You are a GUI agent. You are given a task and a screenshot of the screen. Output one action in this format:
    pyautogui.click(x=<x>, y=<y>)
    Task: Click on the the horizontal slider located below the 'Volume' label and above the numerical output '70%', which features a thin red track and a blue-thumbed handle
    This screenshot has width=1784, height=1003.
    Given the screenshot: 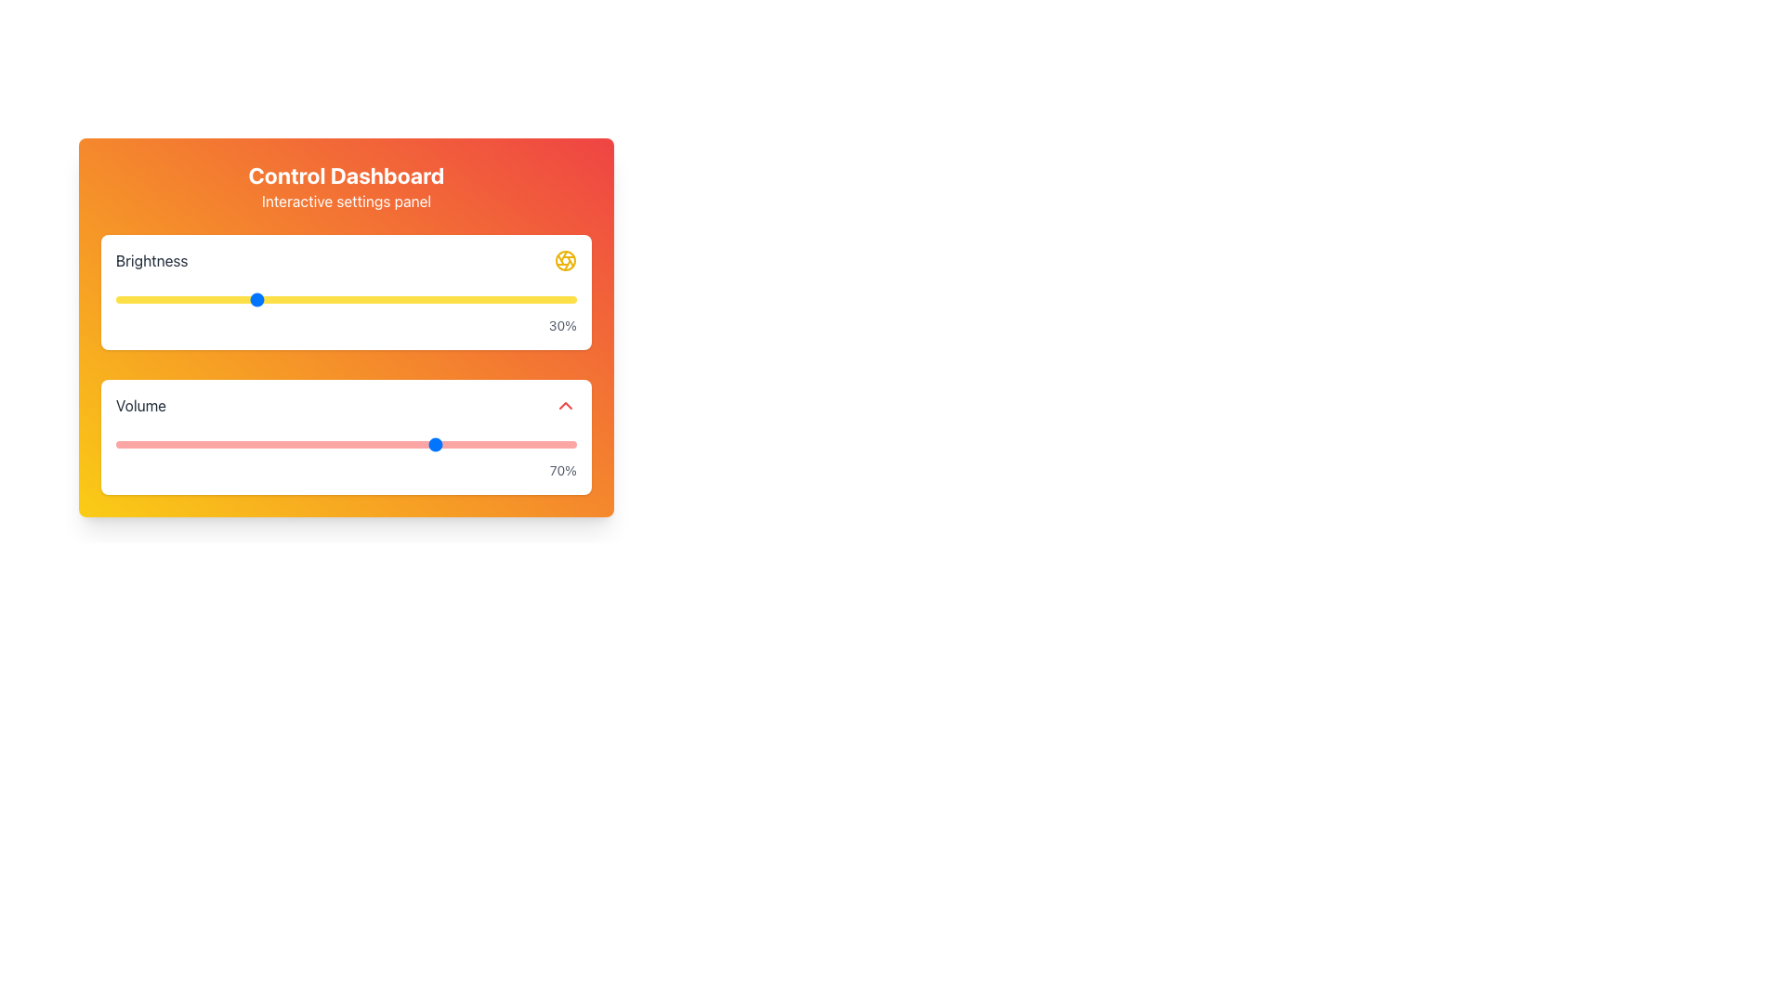 What is the action you would take?
    pyautogui.click(x=347, y=444)
    